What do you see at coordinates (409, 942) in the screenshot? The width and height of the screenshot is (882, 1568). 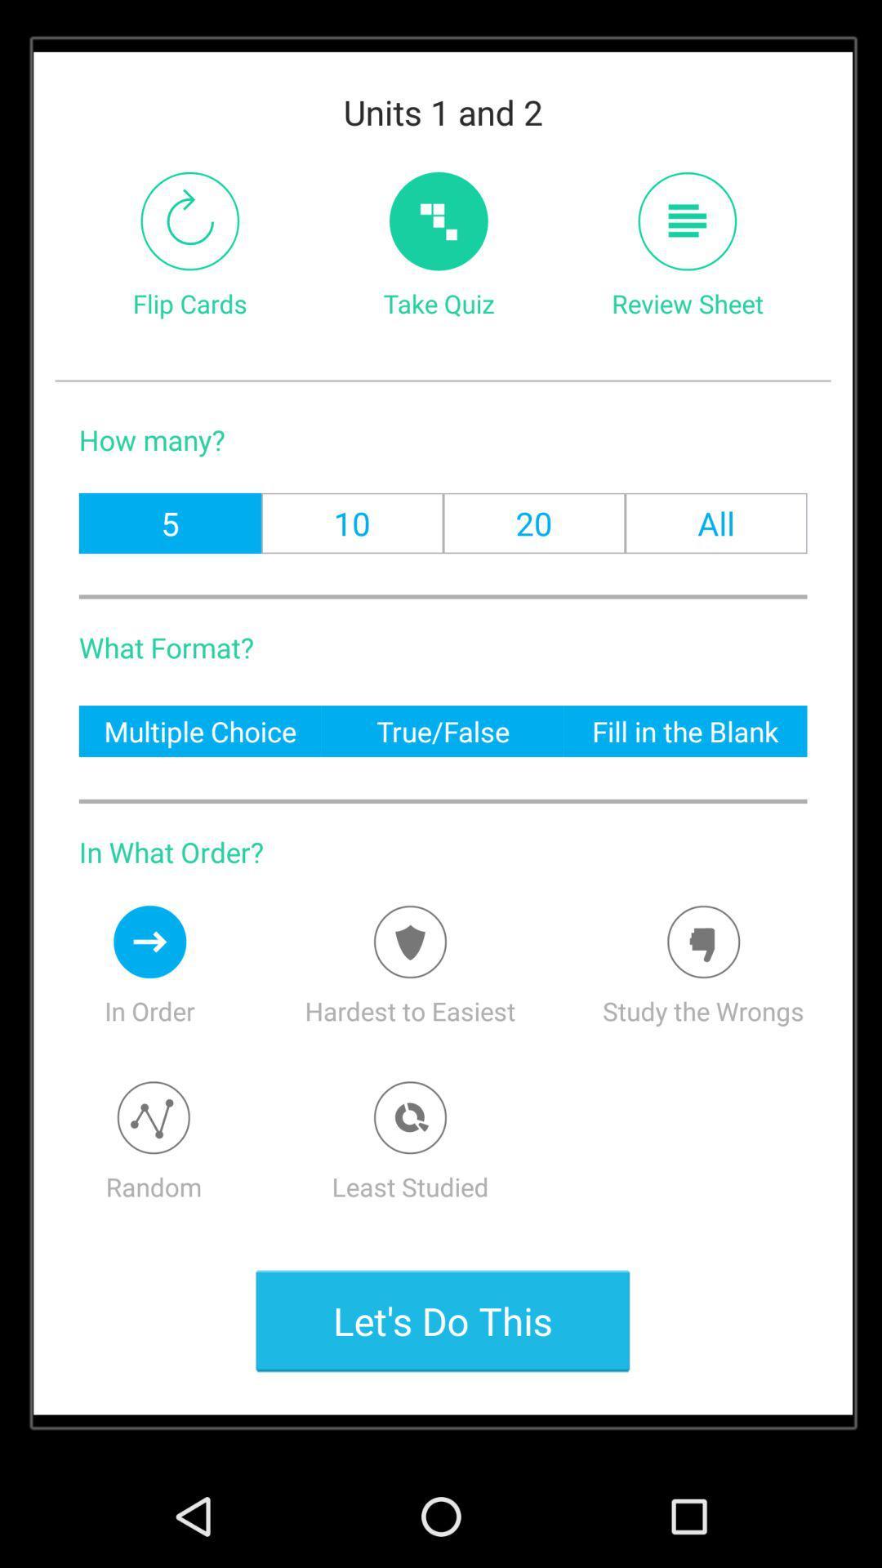 I see `something` at bounding box center [409, 942].